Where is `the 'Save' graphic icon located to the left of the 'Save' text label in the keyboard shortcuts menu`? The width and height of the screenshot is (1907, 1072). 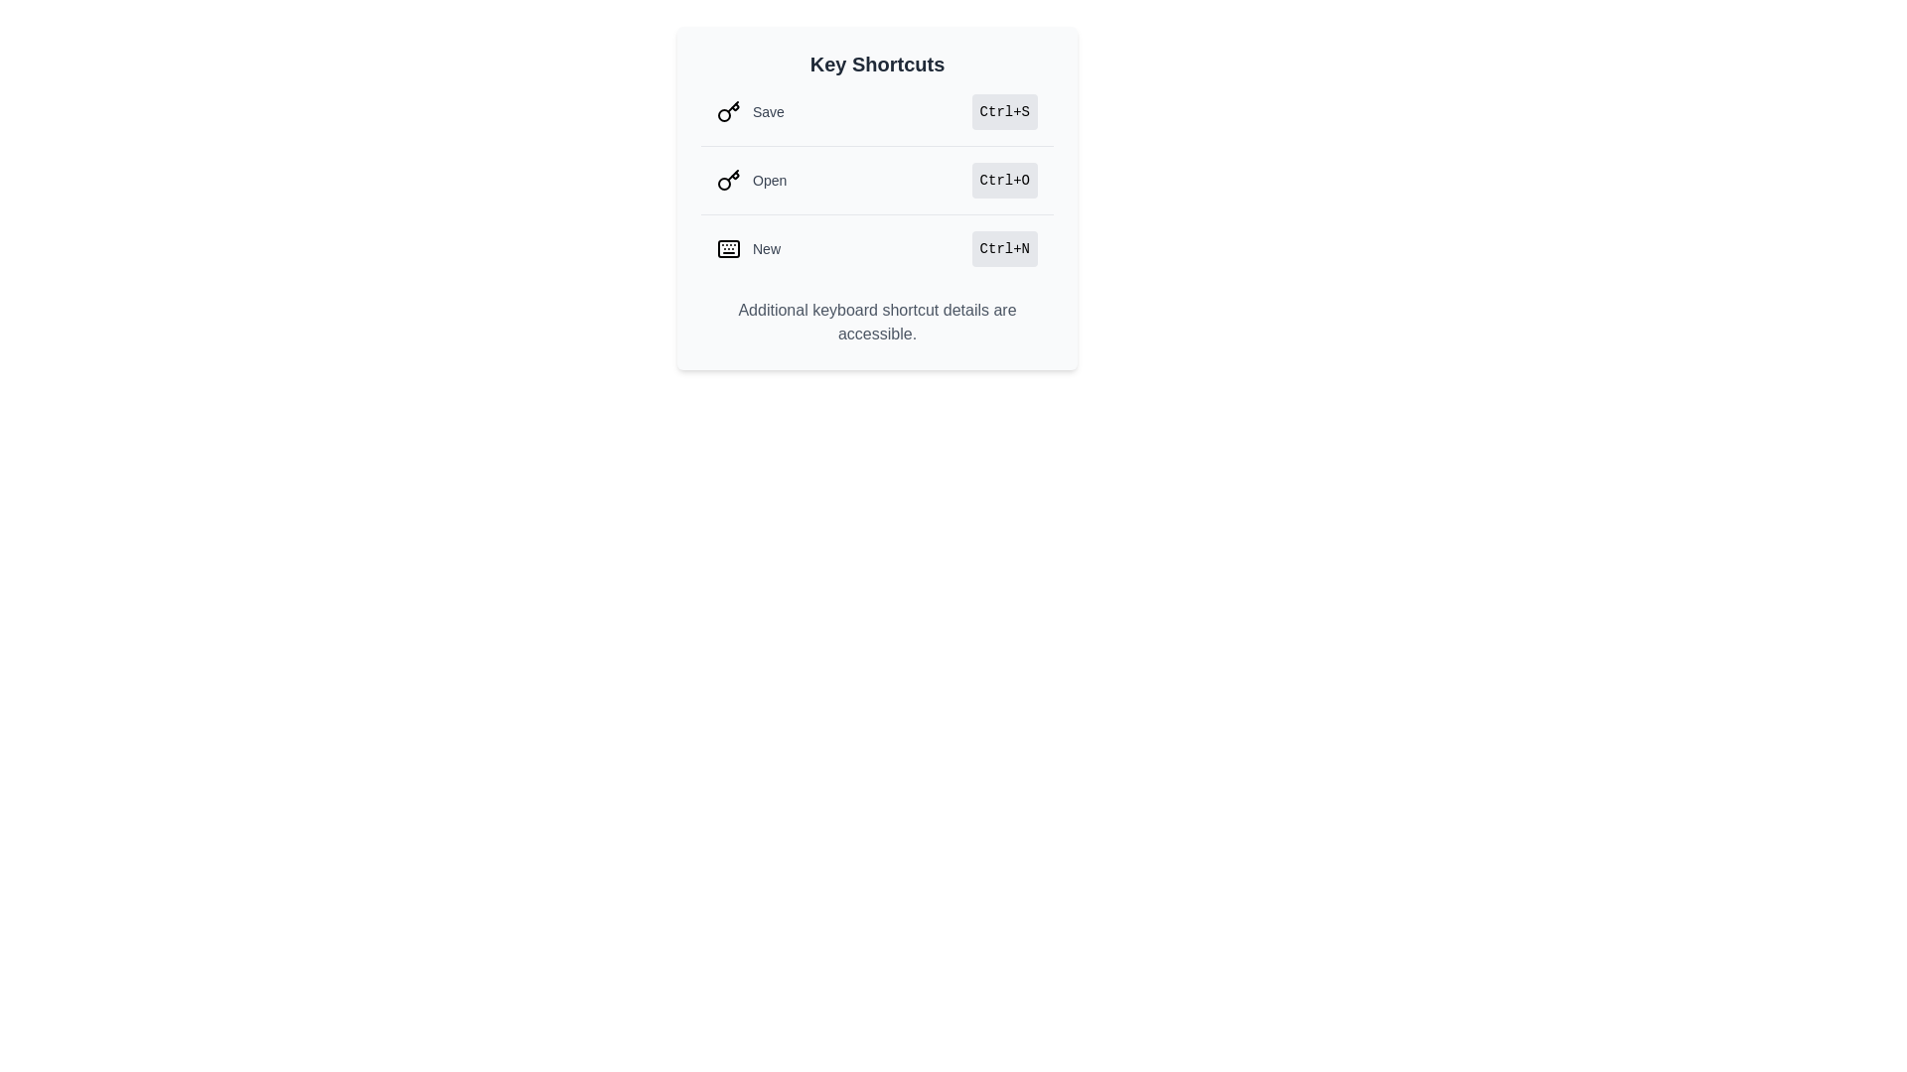
the 'Save' graphic icon located to the left of the 'Save' text label in the keyboard shortcuts menu is located at coordinates (728, 111).